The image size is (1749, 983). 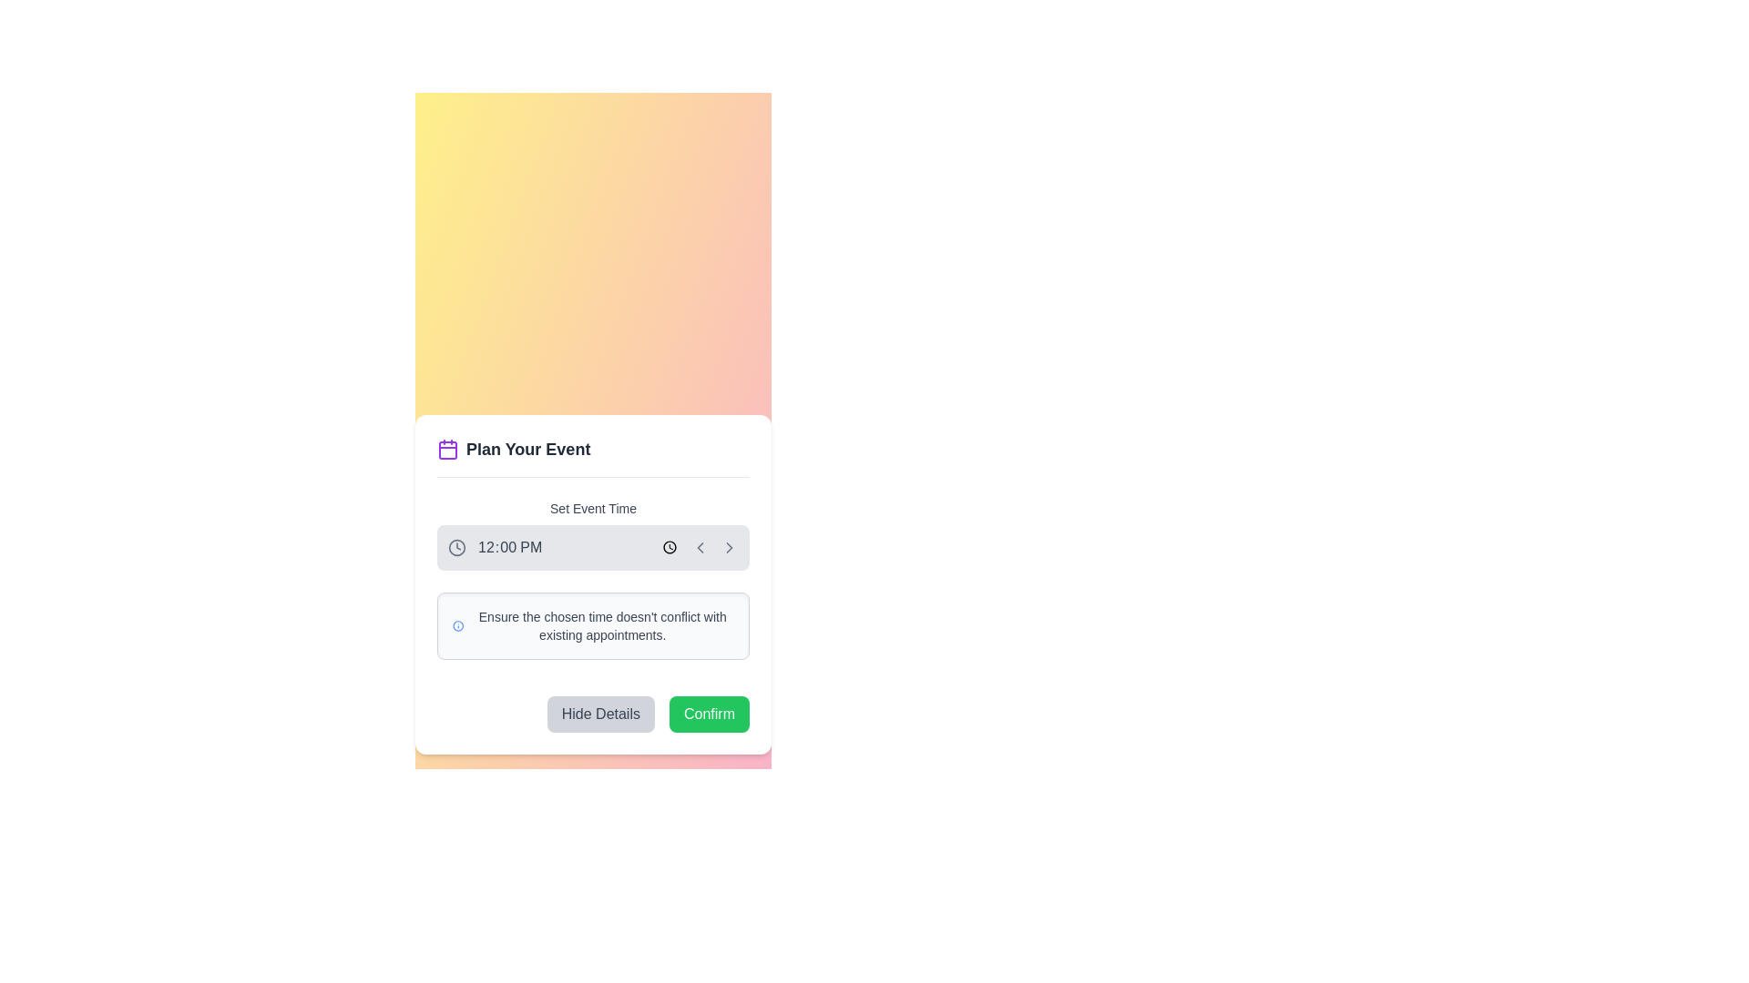 I want to click on the blue information icon featuring a lowercase 'i' inside a circular outline, so click(x=458, y=624).